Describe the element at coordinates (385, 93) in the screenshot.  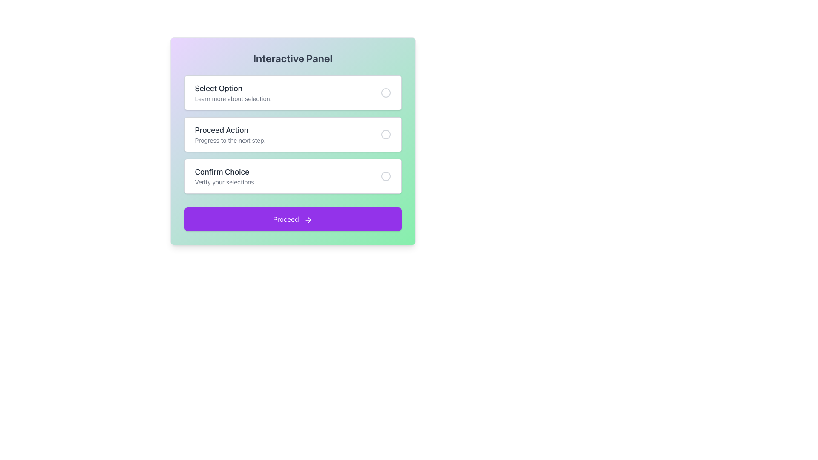
I see `the circular selectable indicator (radio button or checkbox) located on the extreme right side of the 'Select Option' panel` at that location.